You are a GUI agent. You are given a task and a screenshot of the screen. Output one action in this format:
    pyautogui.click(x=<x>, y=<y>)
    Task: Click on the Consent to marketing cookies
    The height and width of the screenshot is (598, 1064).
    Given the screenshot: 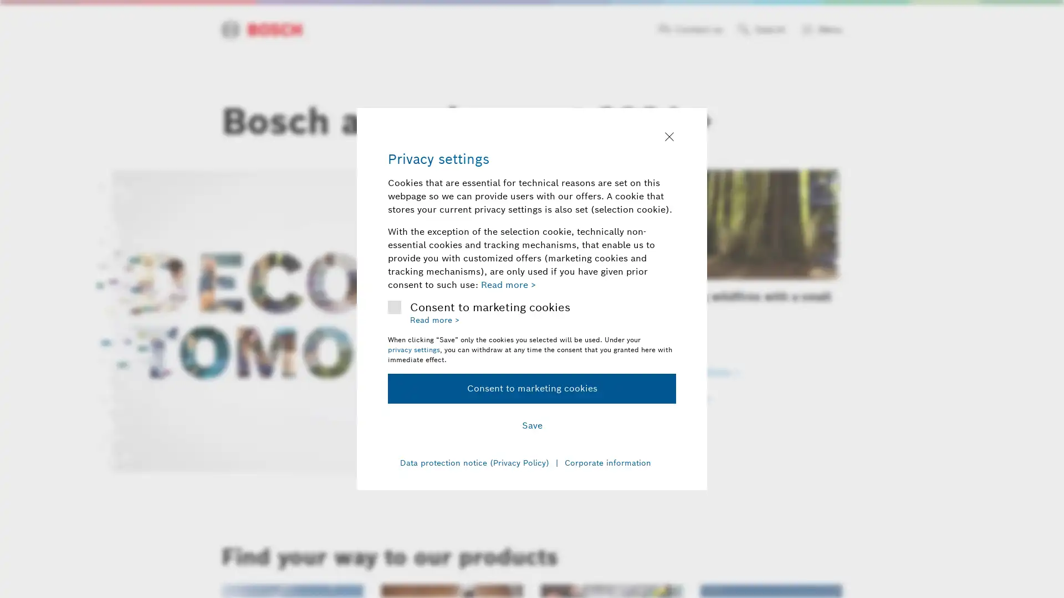 What is the action you would take?
    pyautogui.click(x=532, y=388)
    